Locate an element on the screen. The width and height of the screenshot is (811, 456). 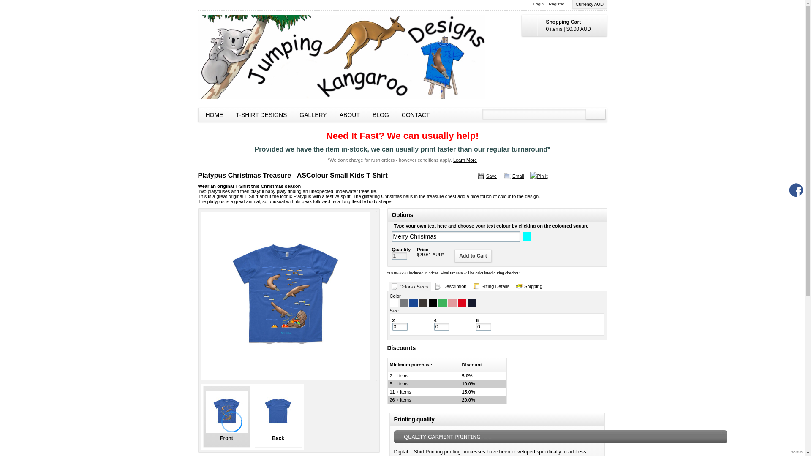
'BLOG' is located at coordinates (380, 115).